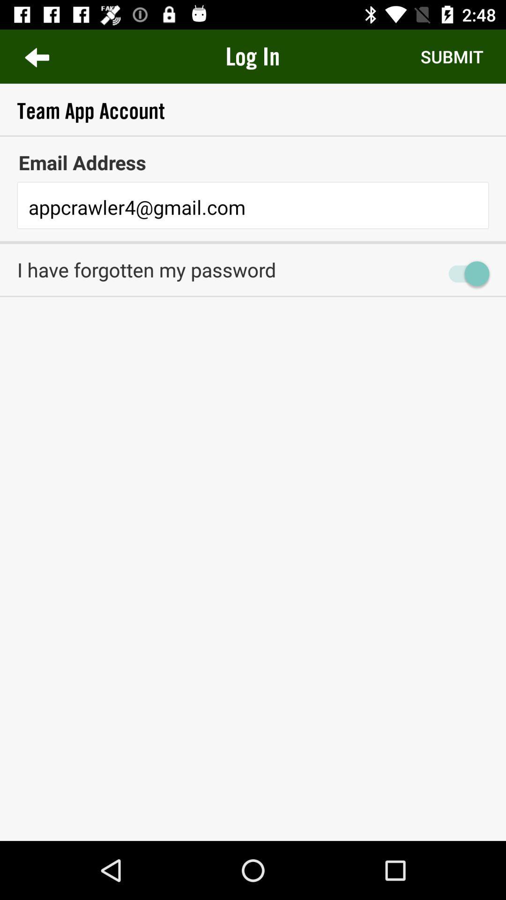 The image size is (506, 900). I want to click on the icon next to log in item, so click(36, 56).